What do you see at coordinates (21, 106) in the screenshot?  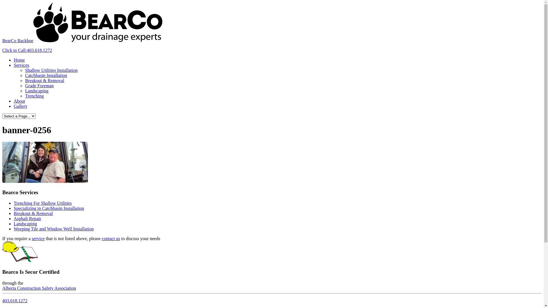 I see `'Gallery'` at bounding box center [21, 106].